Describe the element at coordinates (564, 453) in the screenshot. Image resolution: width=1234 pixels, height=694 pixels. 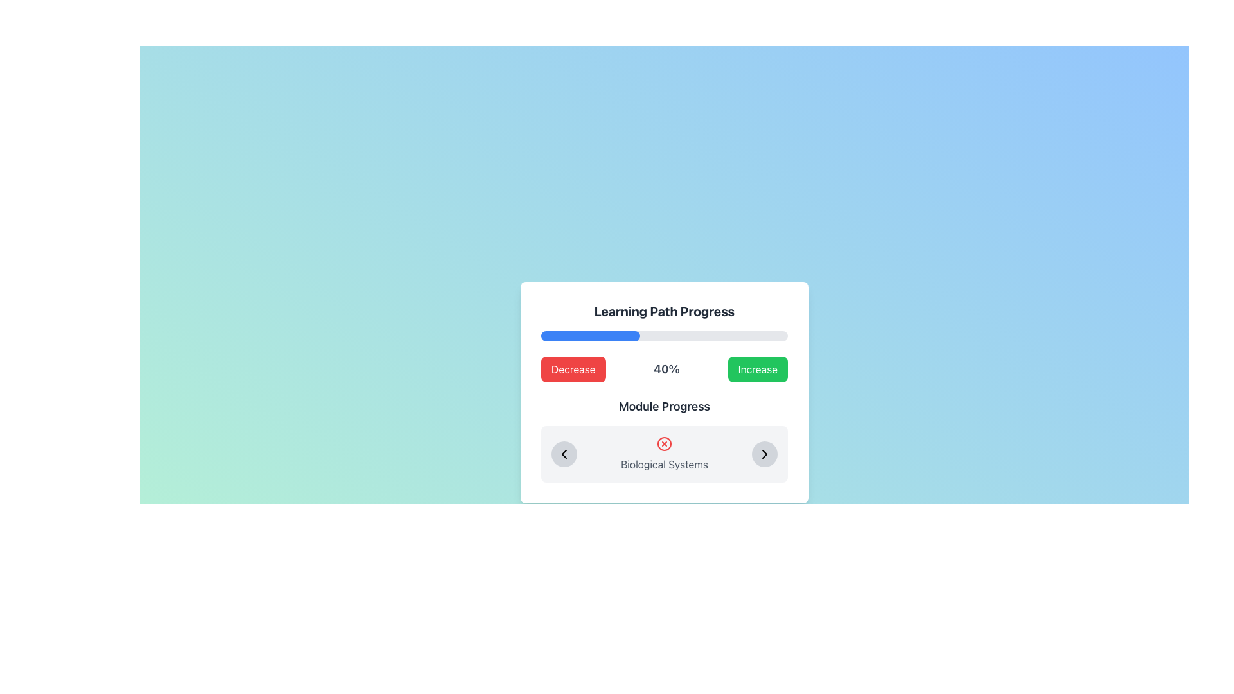
I see `the left-pointing chevron-shaped icon located in the 'Module Progress' section of the card interface` at that location.